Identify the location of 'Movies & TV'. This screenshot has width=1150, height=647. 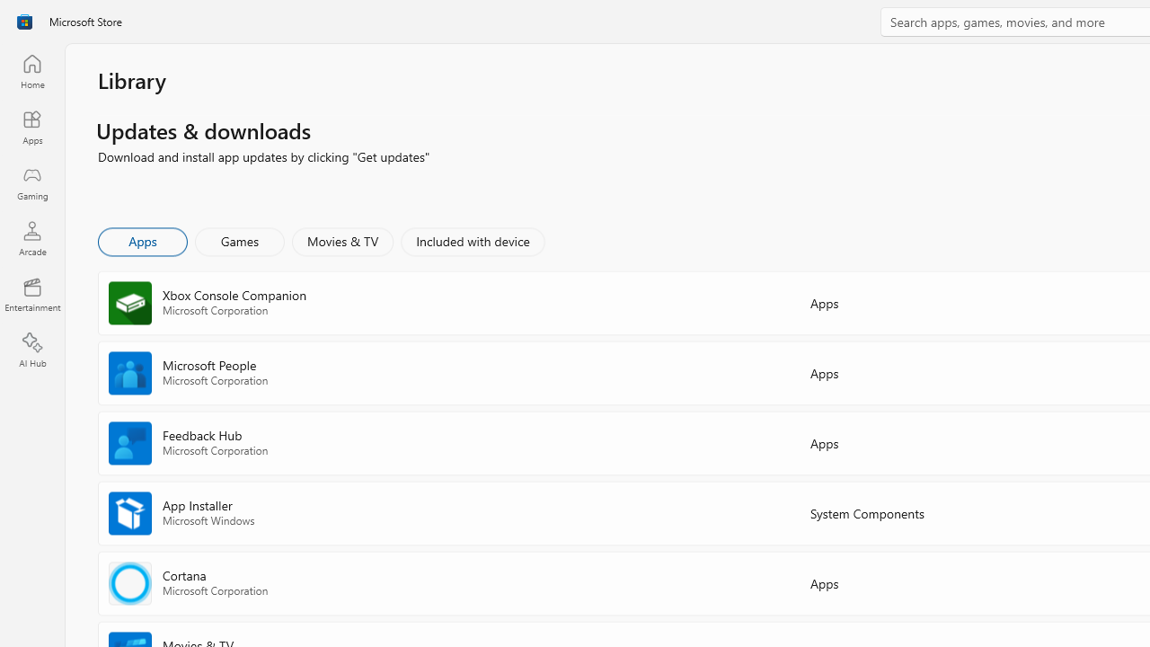
(342, 240).